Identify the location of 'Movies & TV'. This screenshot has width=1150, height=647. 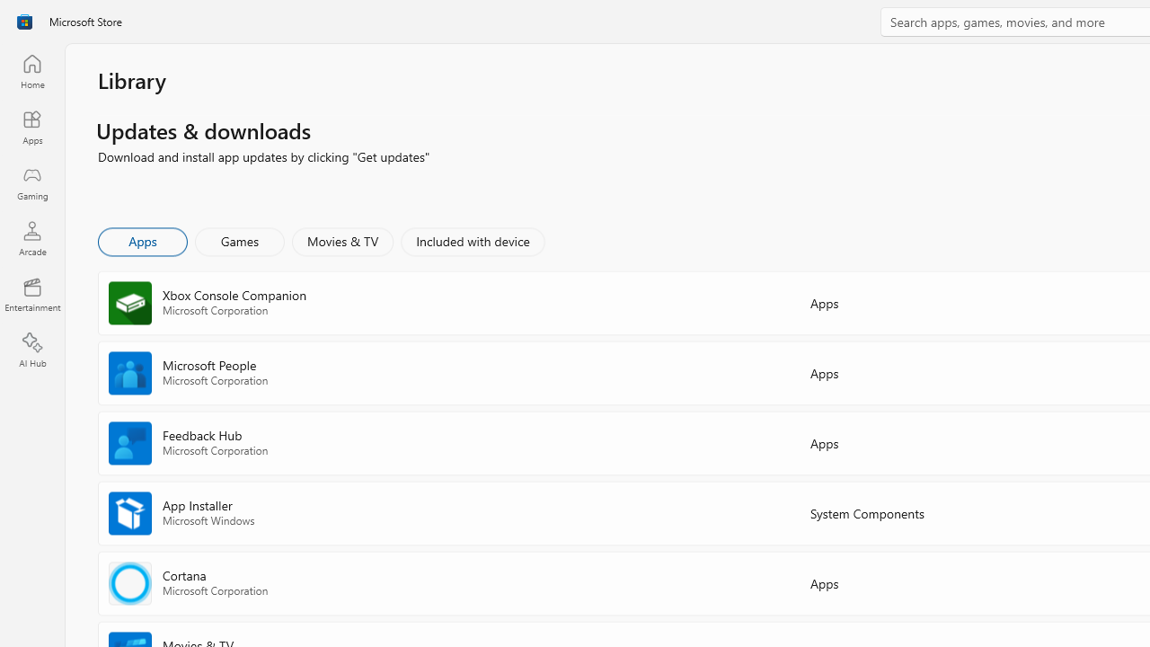
(342, 240).